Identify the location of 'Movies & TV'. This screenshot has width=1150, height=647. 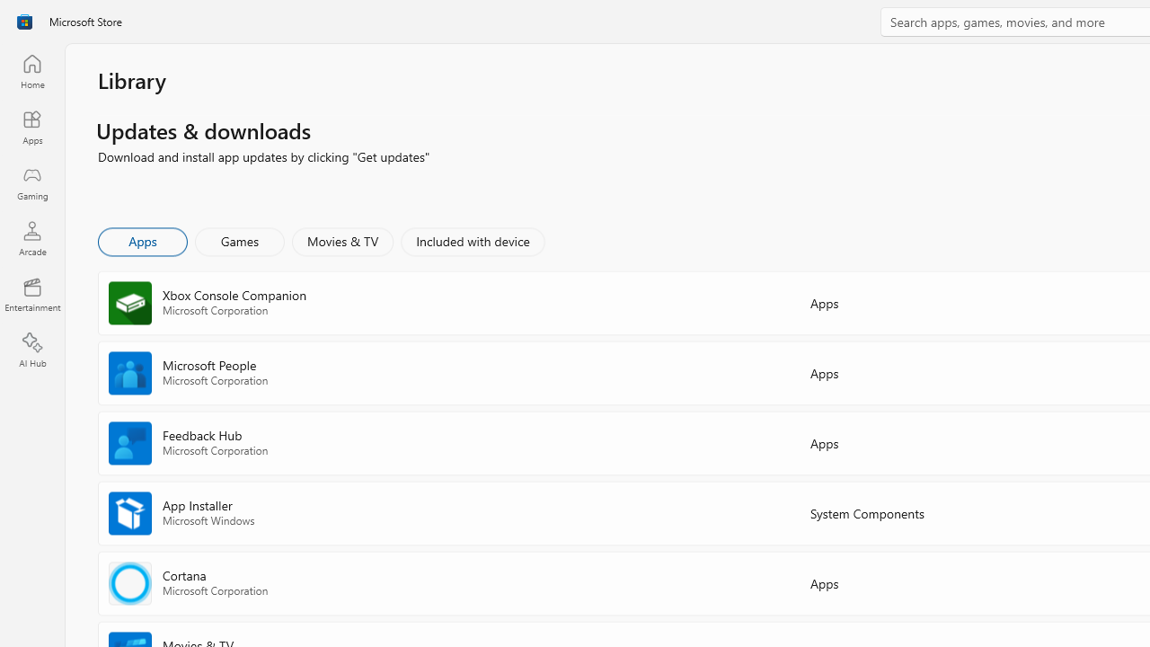
(342, 240).